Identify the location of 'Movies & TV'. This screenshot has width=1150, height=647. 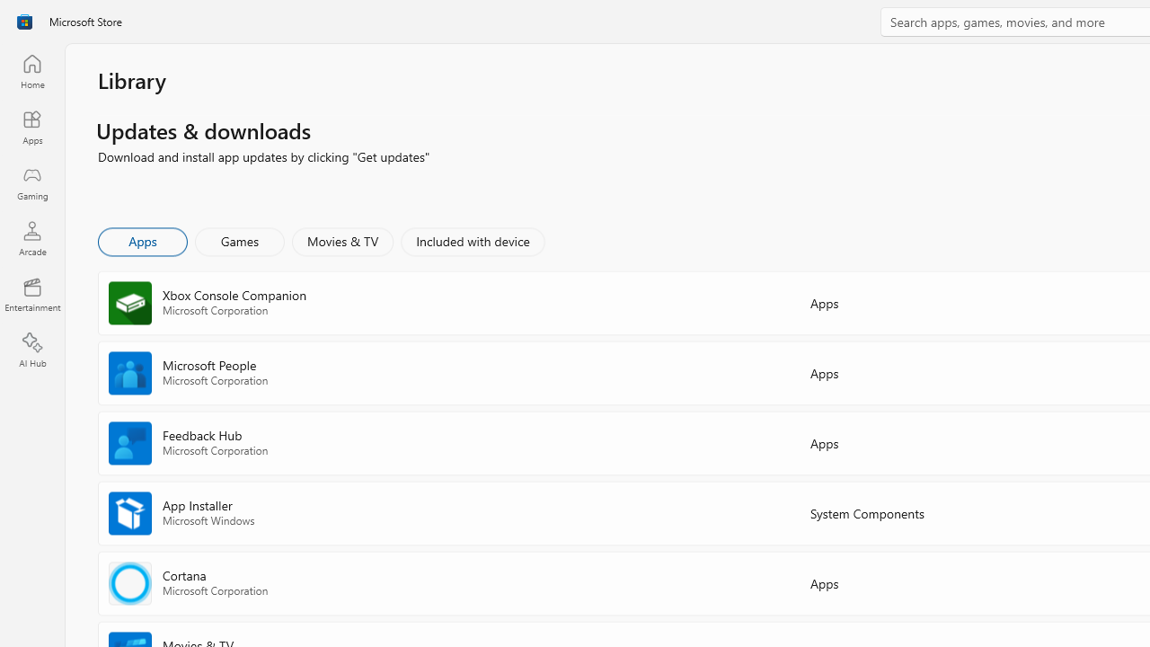
(342, 240).